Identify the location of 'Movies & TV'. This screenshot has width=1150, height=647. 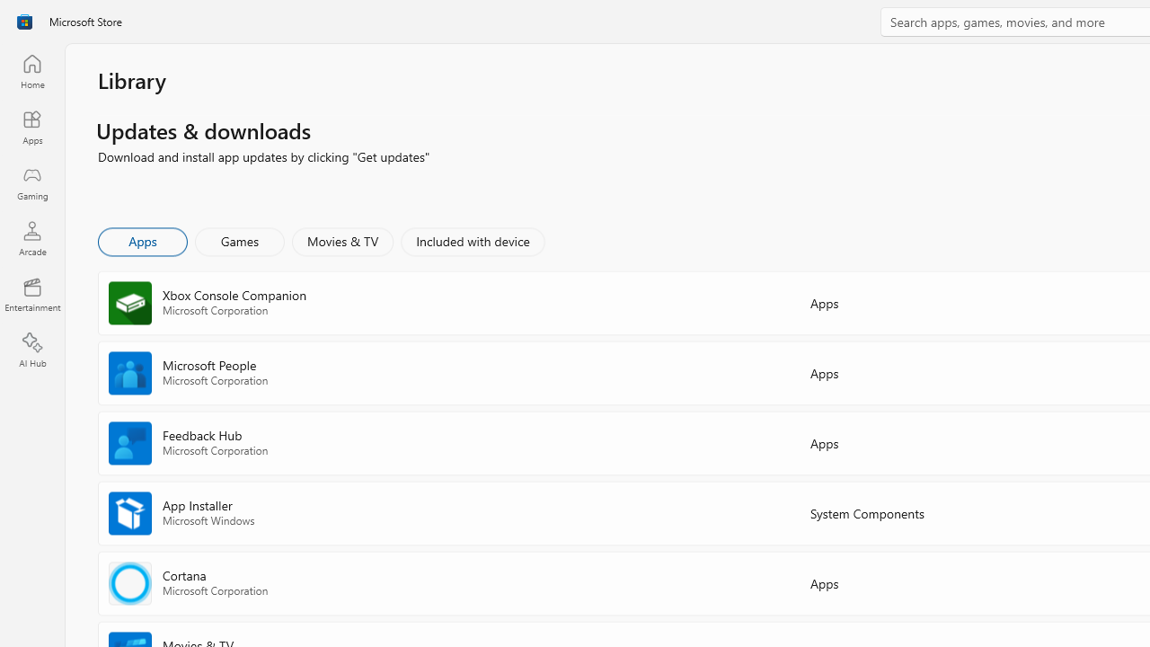
(342, 240).